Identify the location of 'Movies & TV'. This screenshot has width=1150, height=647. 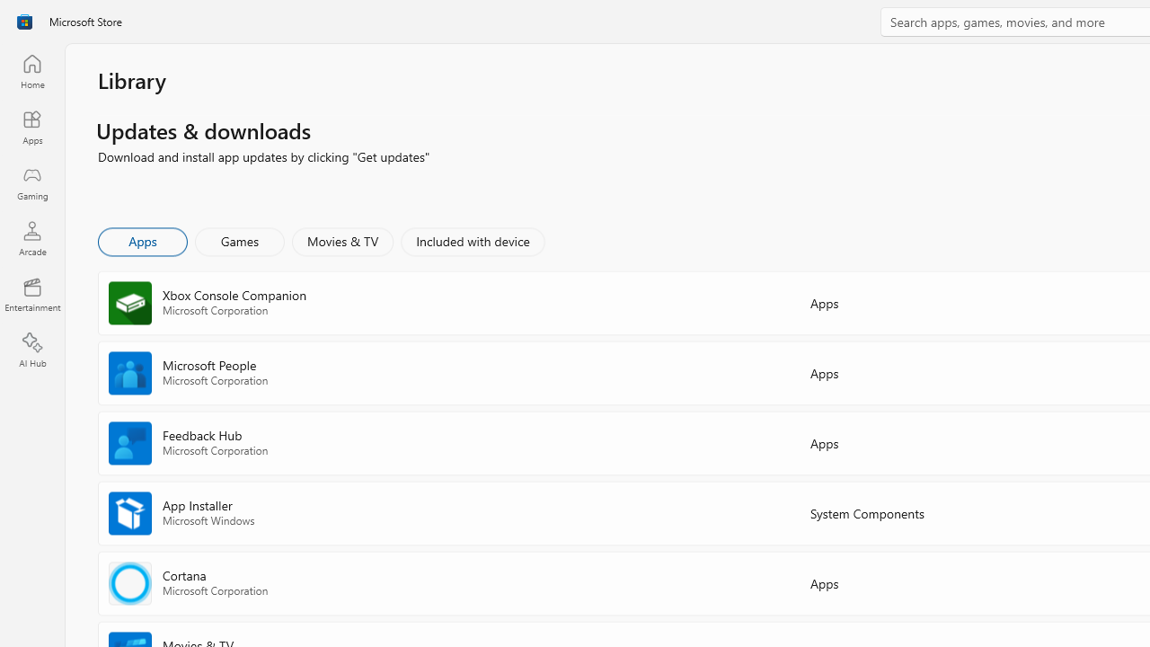
(342, 240).